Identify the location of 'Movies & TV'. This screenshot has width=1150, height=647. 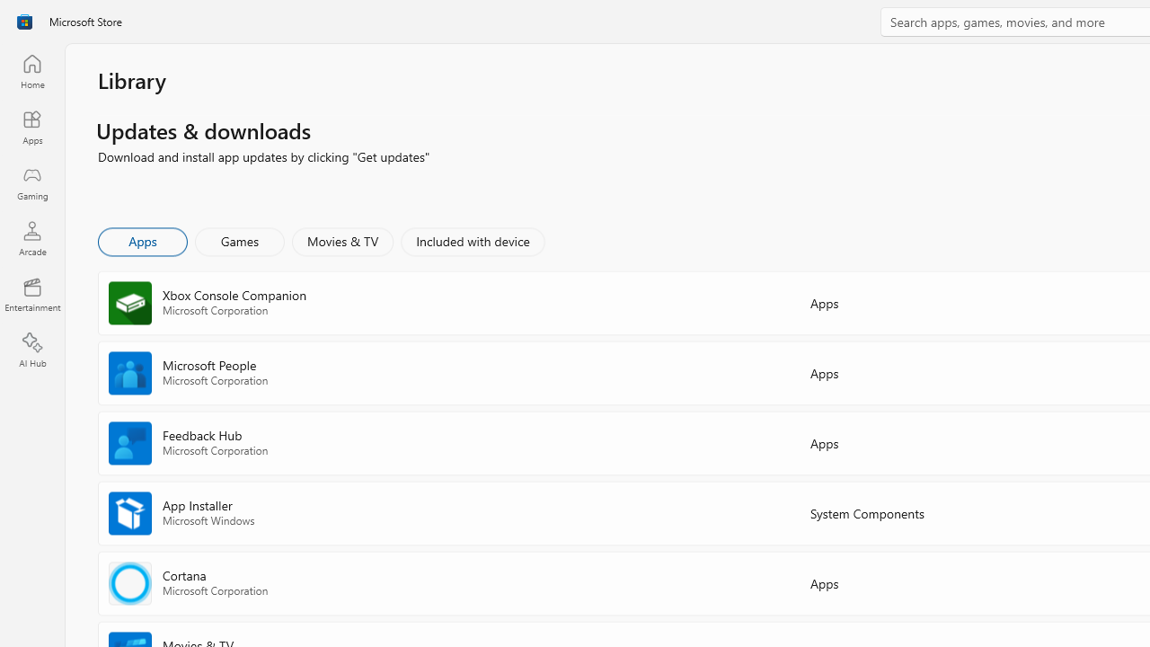
(342, 240).